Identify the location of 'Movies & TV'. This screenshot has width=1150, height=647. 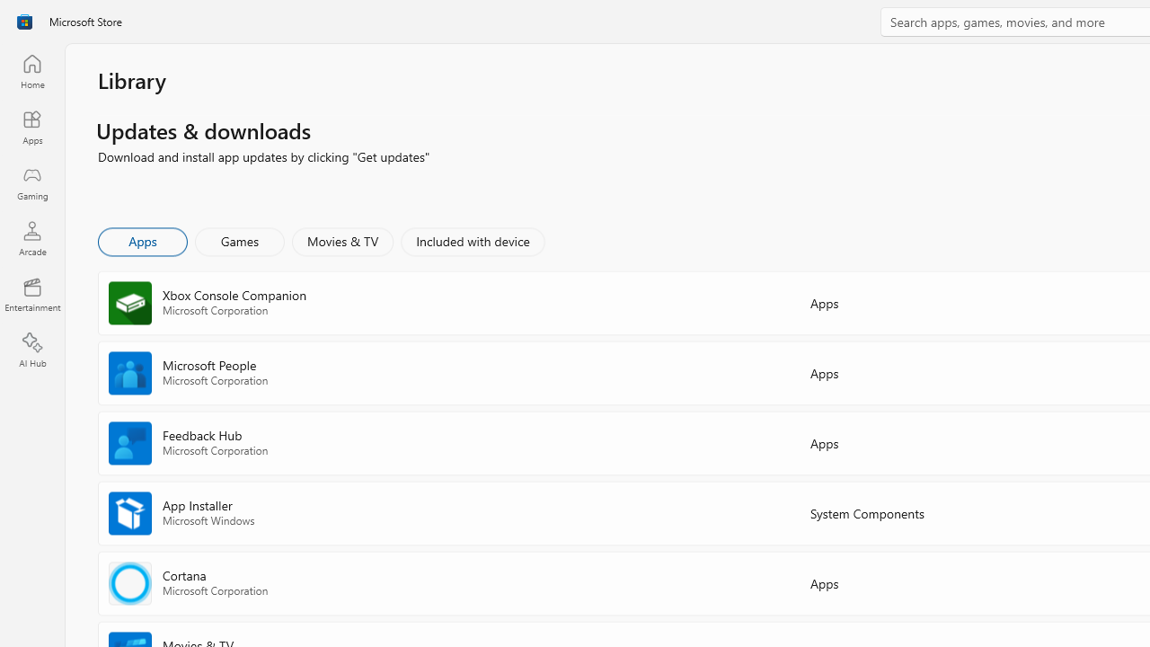
(342, 240).